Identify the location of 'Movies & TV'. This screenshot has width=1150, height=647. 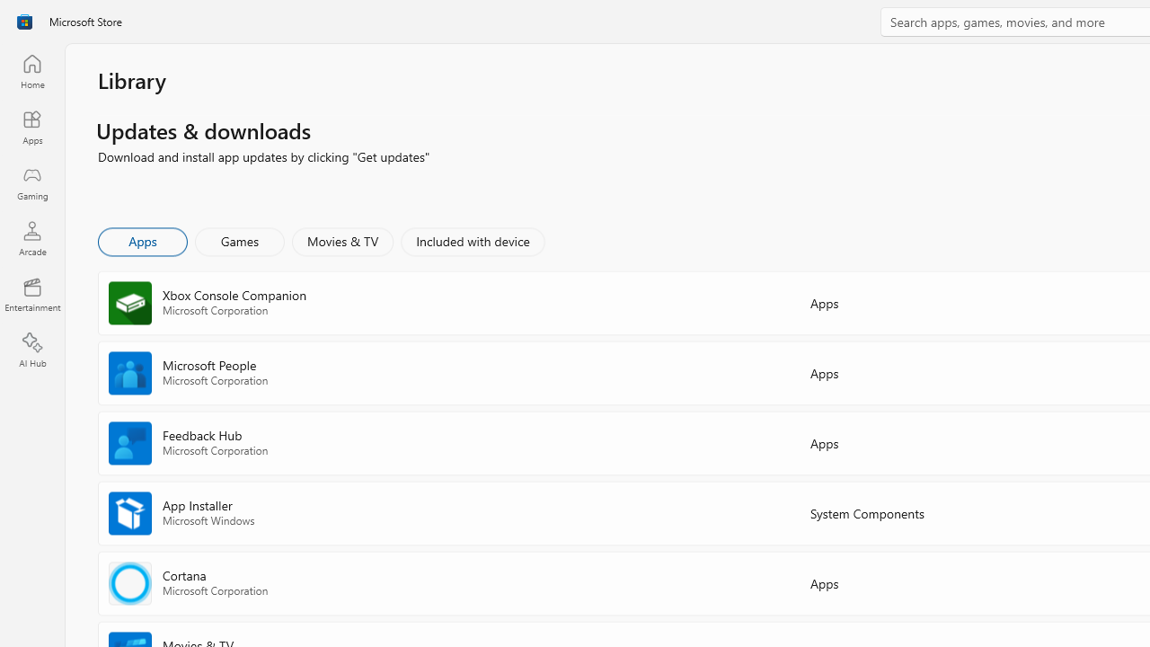
(342, 240).